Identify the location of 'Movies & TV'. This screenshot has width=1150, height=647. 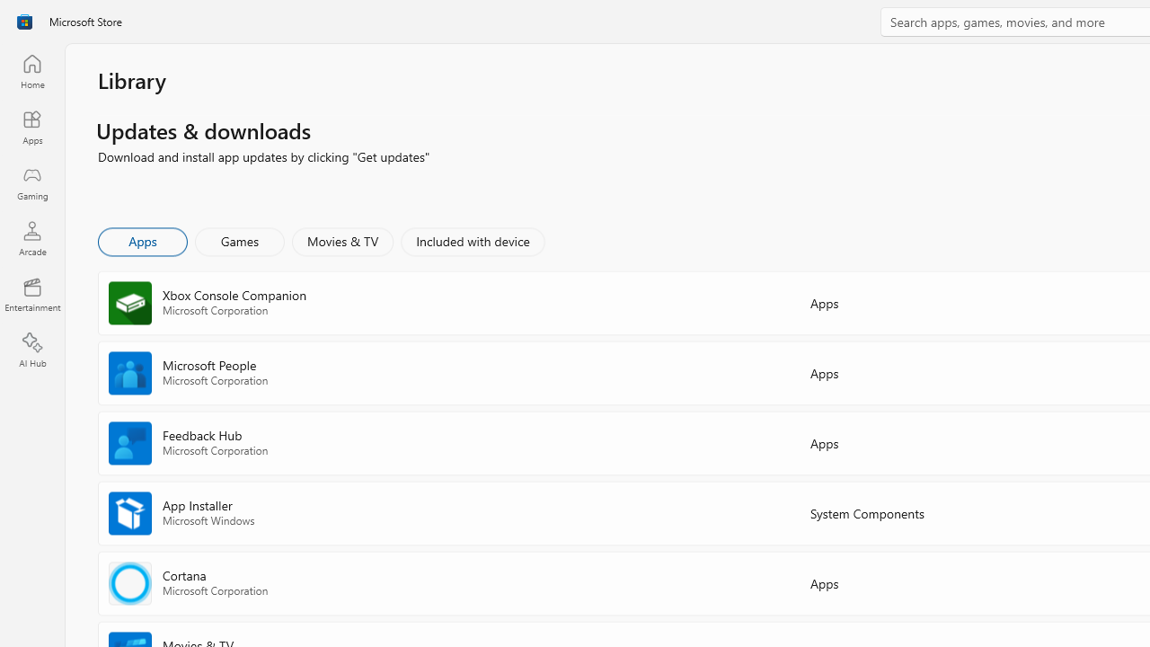
(342, 240).